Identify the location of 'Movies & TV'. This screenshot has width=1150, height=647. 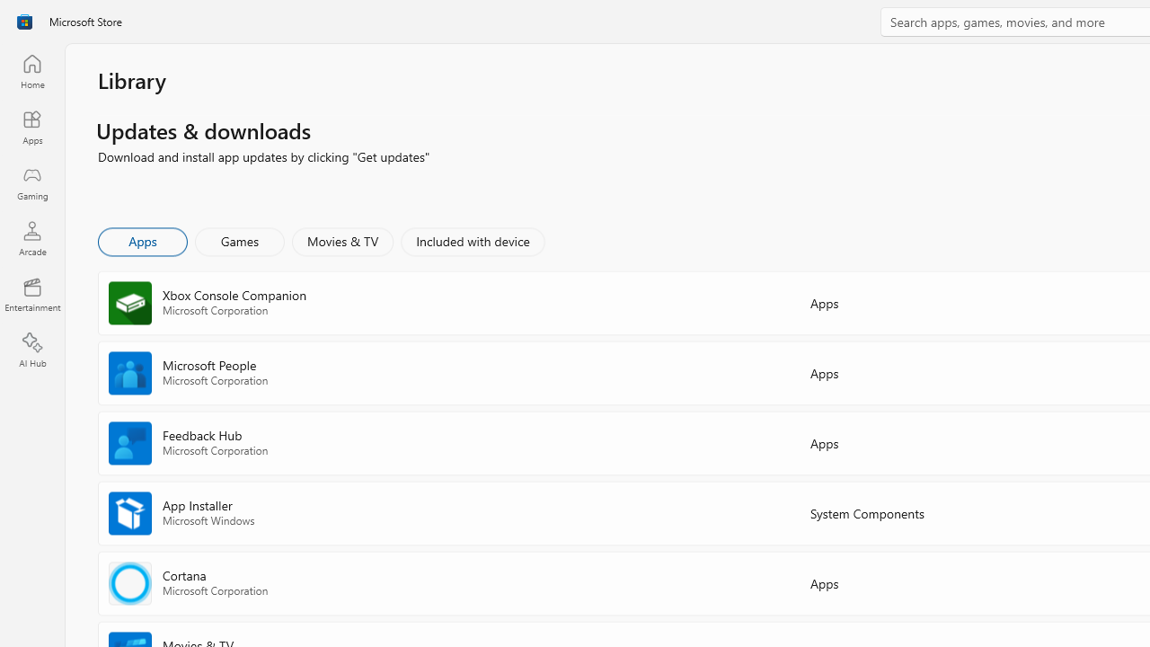
(342, 240).